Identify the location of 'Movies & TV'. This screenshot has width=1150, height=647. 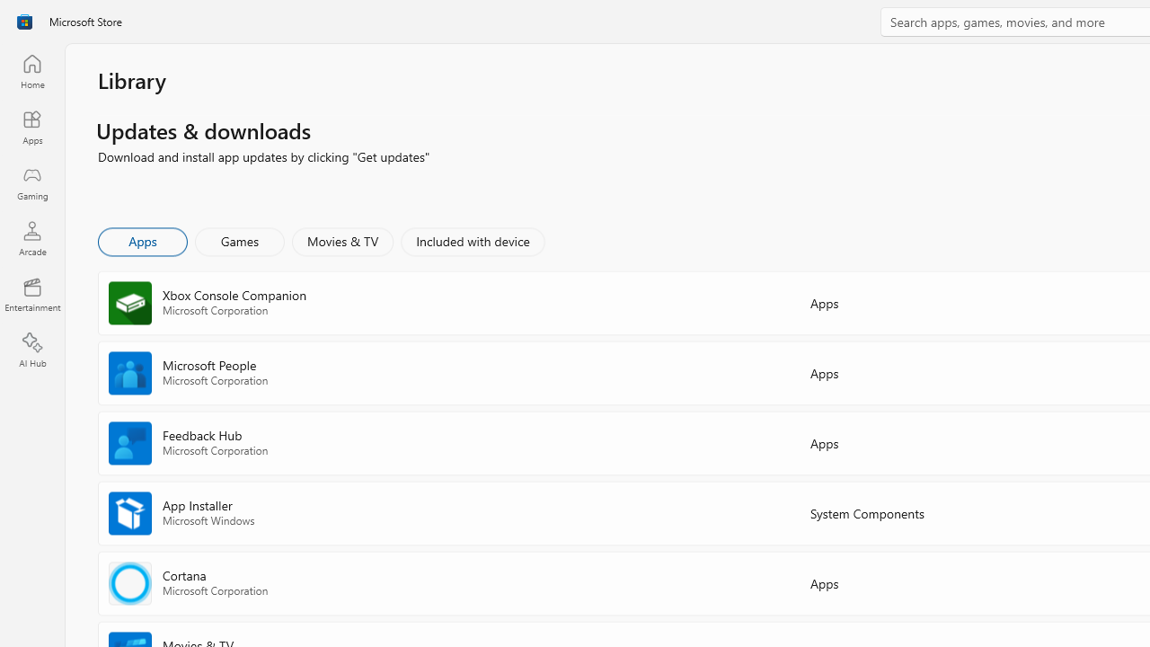
(342, 240).